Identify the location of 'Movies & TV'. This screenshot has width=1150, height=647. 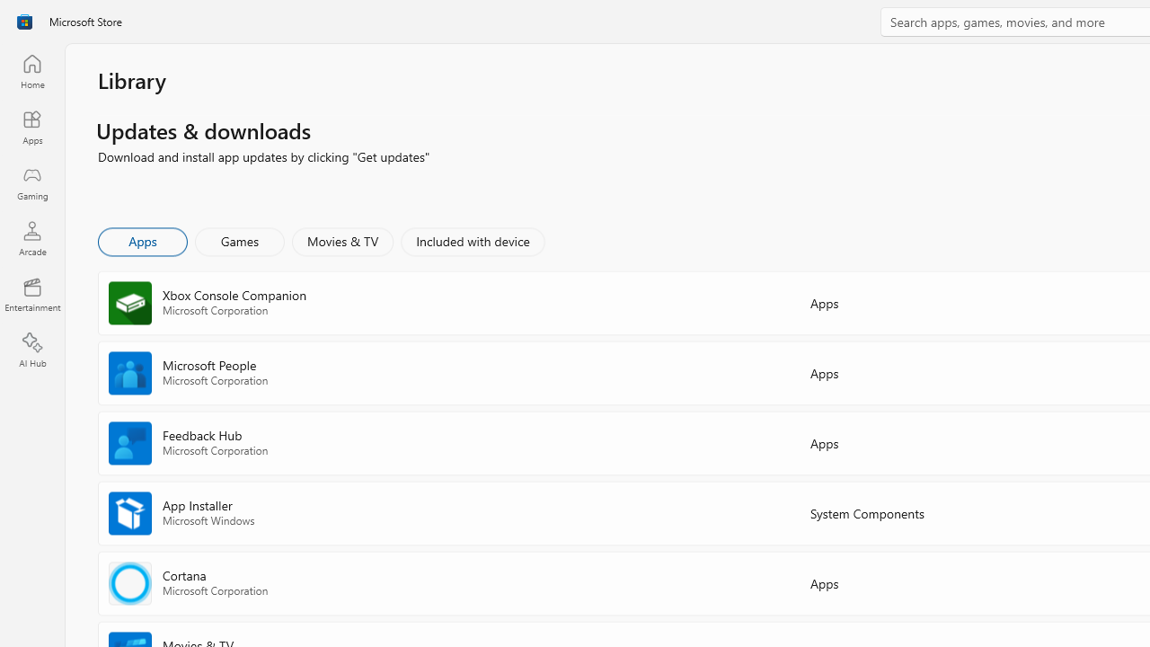
(342, 240).